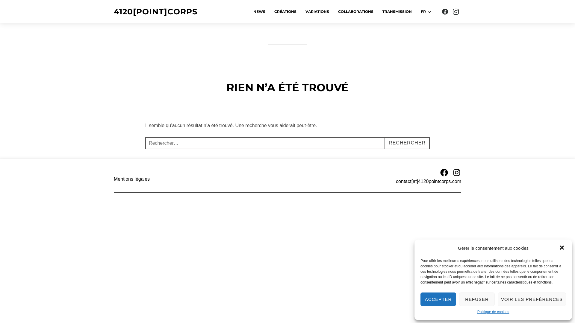  I want to click on 'ACCEPTER', so click(420, 299).